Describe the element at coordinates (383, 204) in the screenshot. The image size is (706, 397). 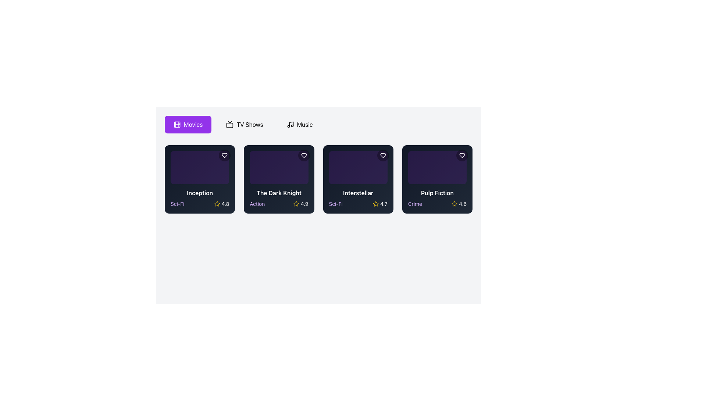
I see `the label displaying the numeric value '4.7' next to the golden star icon in the rating component of the 'Interstellar' card` at that location.